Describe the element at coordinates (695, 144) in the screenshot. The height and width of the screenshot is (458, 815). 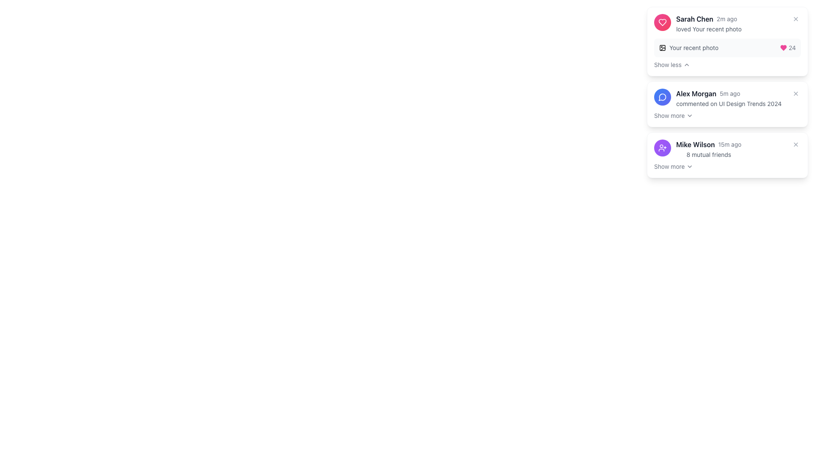
I see `the text label that reads 'Mike Wilson' styled in bold font, located to the left of the timestamp '15m ago' in the lower part of the notification list` at that location.